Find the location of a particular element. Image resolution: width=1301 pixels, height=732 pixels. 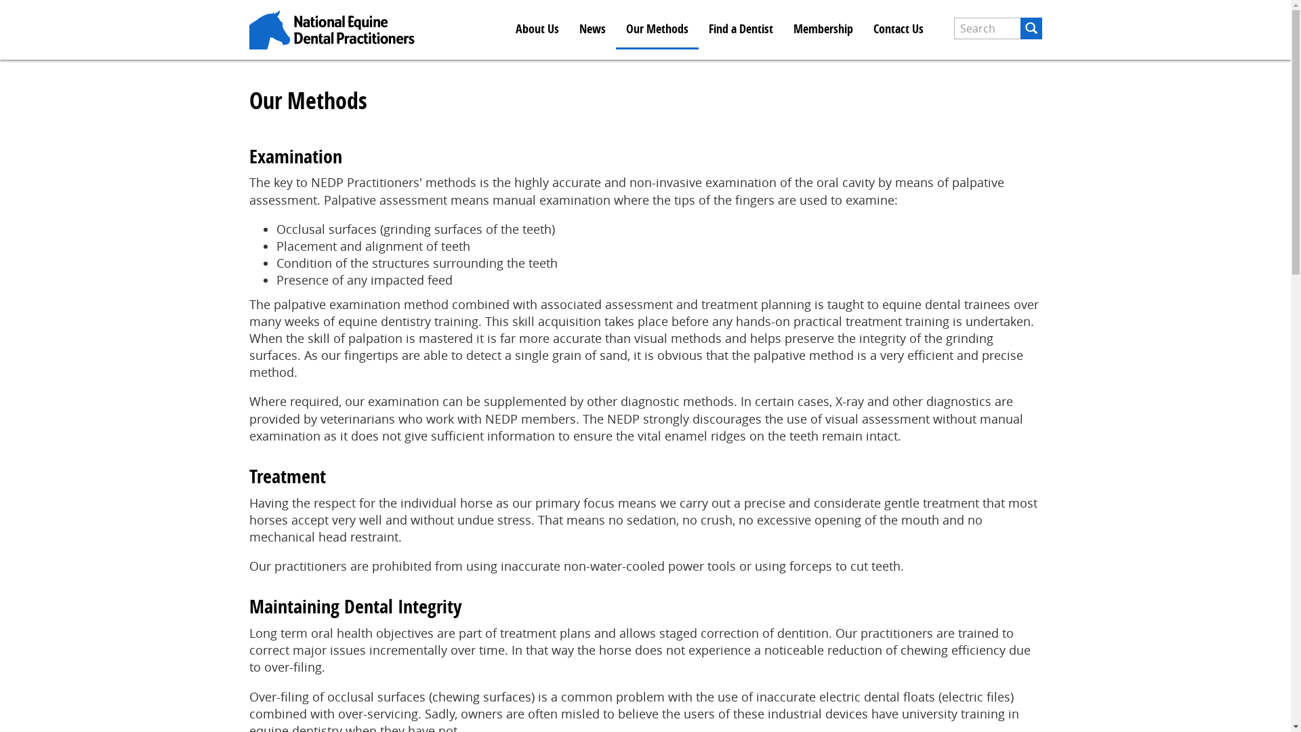

'Enter the terms you wish to search for.' is located at coordinates (953, 28).